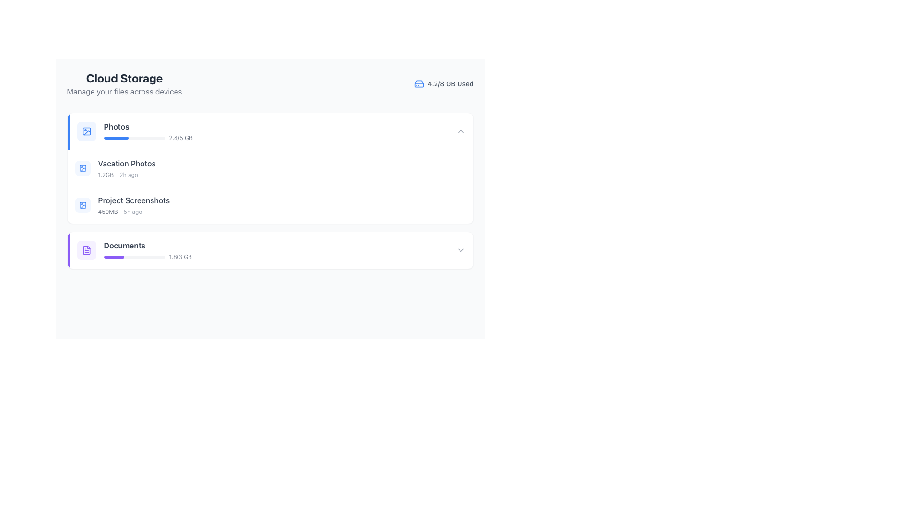 The width and height of the screenshot is (921, 518). What do you see at coordinates (458, 324) in the screenshot?
I see `the menu trigger button located in the bottom-right corner of the interface, associated with the 'Documents' item` at bounding box center [458, 324].